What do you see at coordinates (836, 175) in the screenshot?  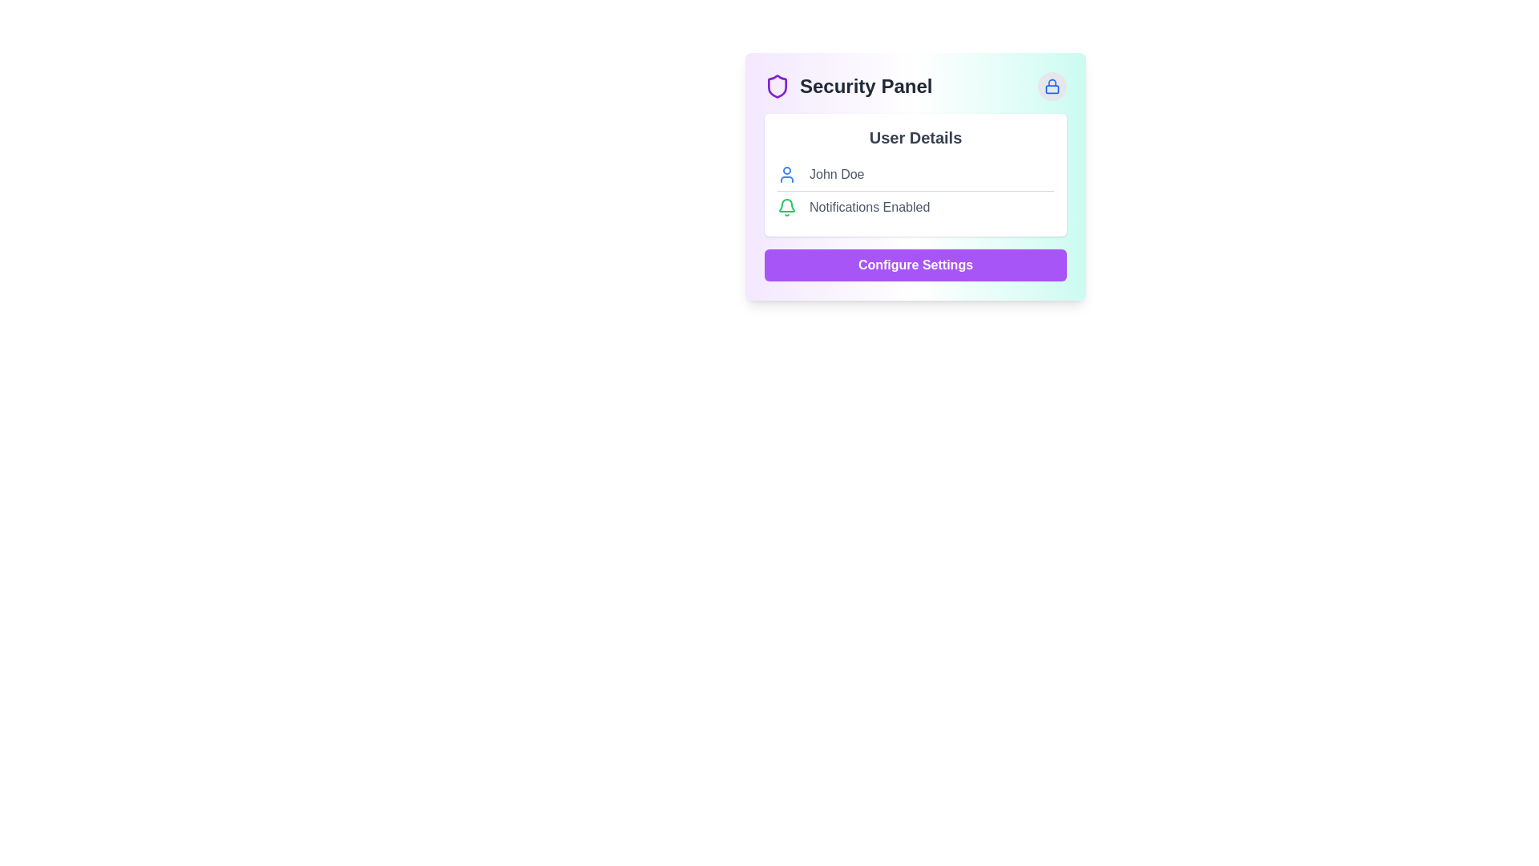 I see `the static text label displaying 'John Doe' in gray color, located in the user details section of the security panel` at bounding box center [836, 175].